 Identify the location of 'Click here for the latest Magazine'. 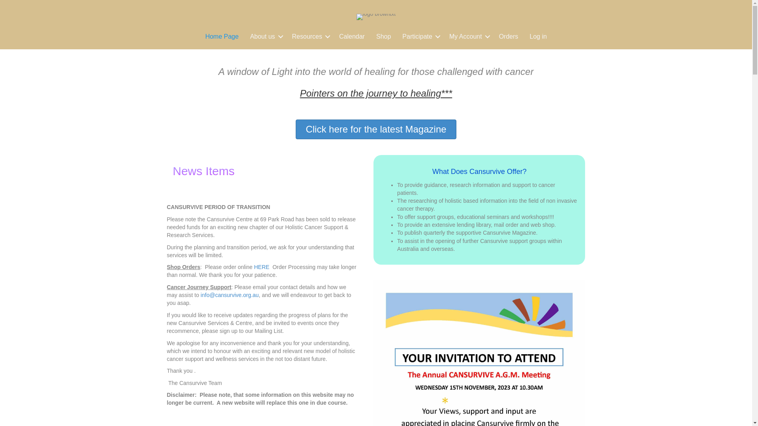
(375, 129).